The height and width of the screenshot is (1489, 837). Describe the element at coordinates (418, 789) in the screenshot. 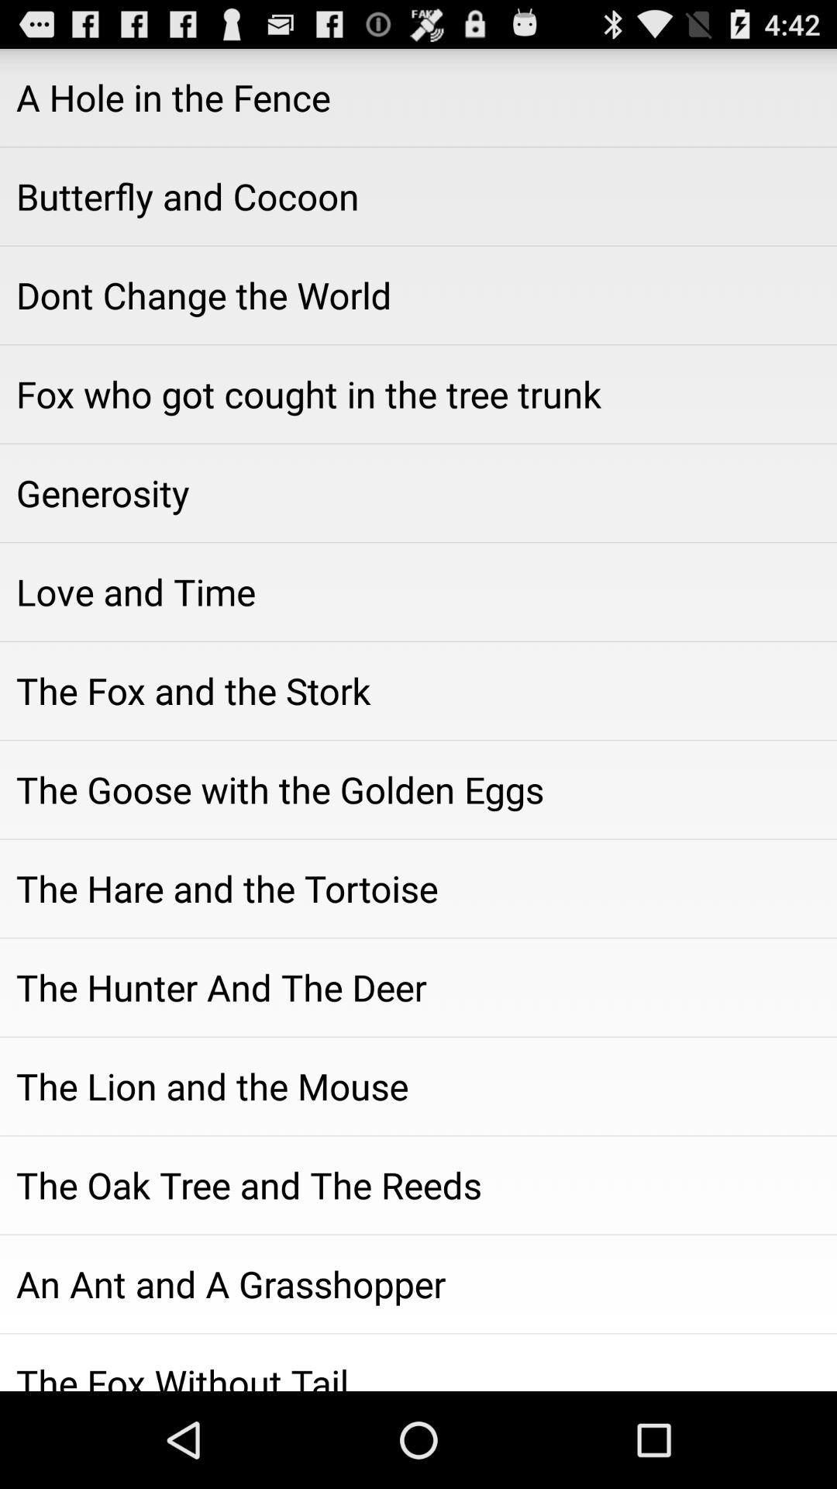

I see `the the goose with icon` at that location.